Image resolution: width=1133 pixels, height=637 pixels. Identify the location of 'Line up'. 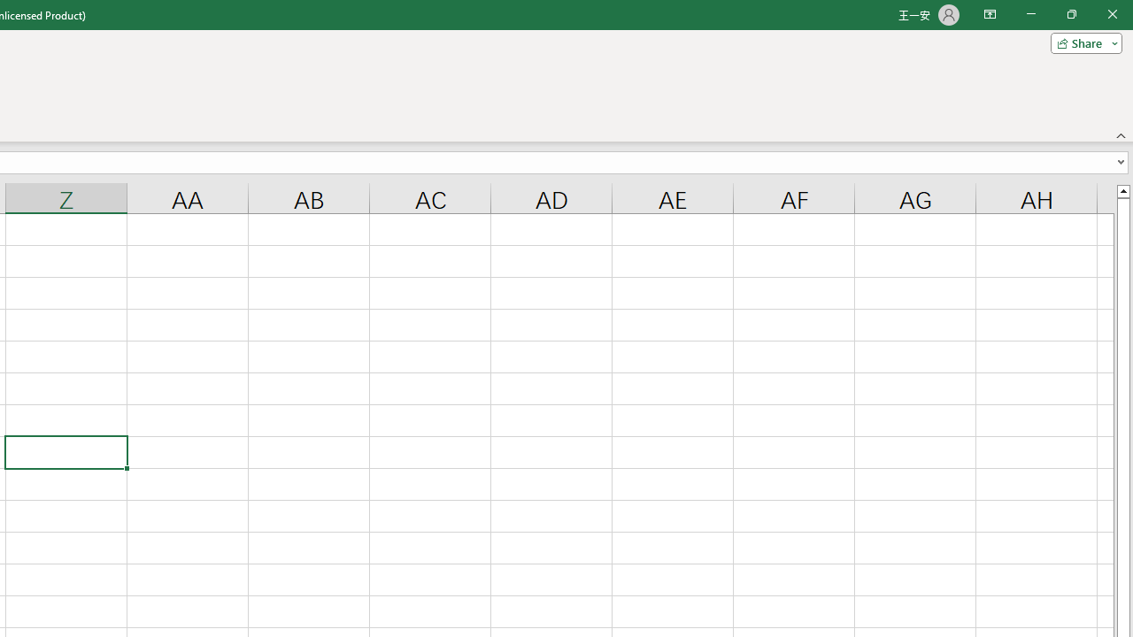
(1122, 190).